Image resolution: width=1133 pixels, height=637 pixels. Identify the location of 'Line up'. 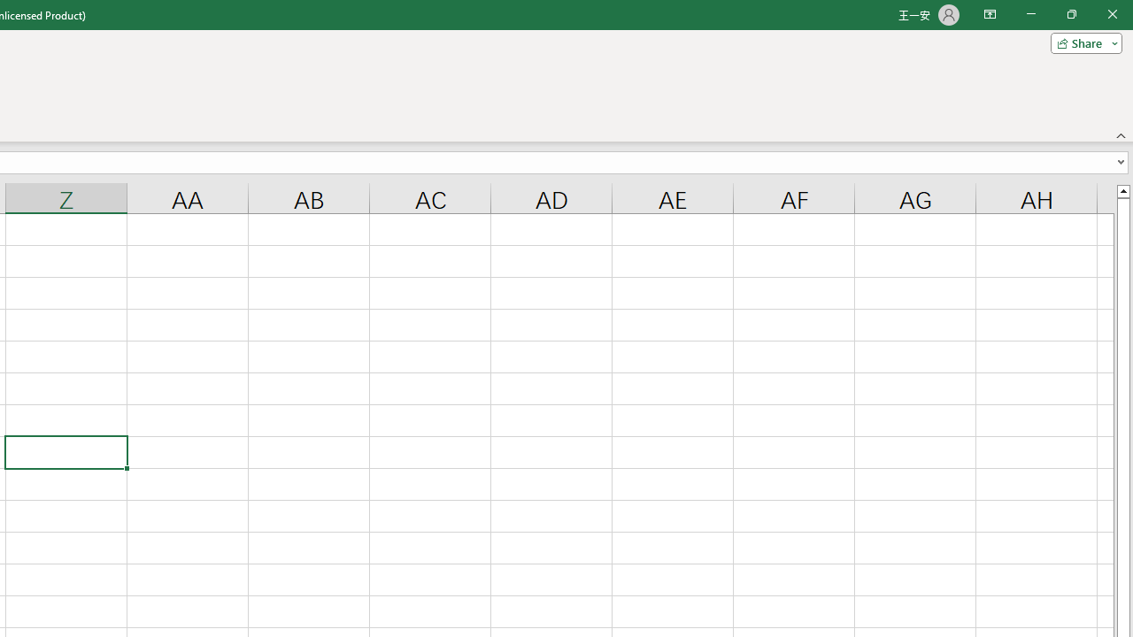
(1122, 190).